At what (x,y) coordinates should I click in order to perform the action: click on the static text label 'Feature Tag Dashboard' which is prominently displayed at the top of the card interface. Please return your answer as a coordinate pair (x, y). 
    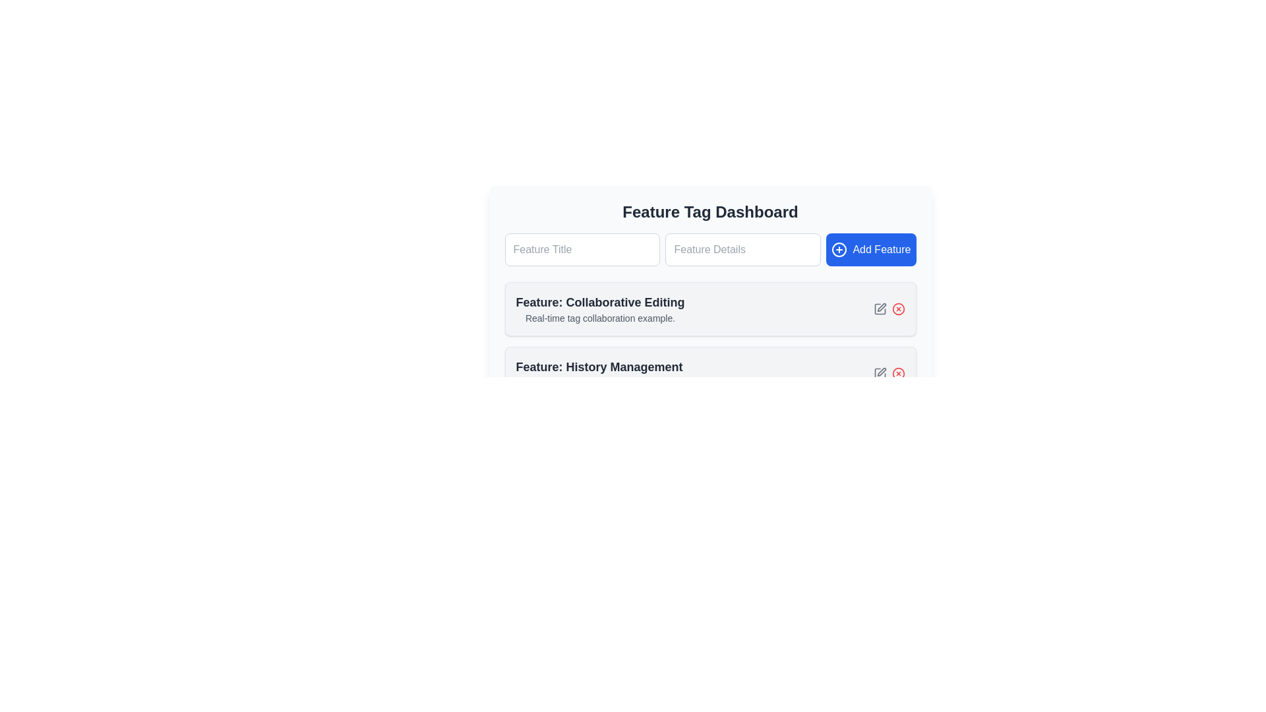
    Looking at the image, I should click on (709, 211).